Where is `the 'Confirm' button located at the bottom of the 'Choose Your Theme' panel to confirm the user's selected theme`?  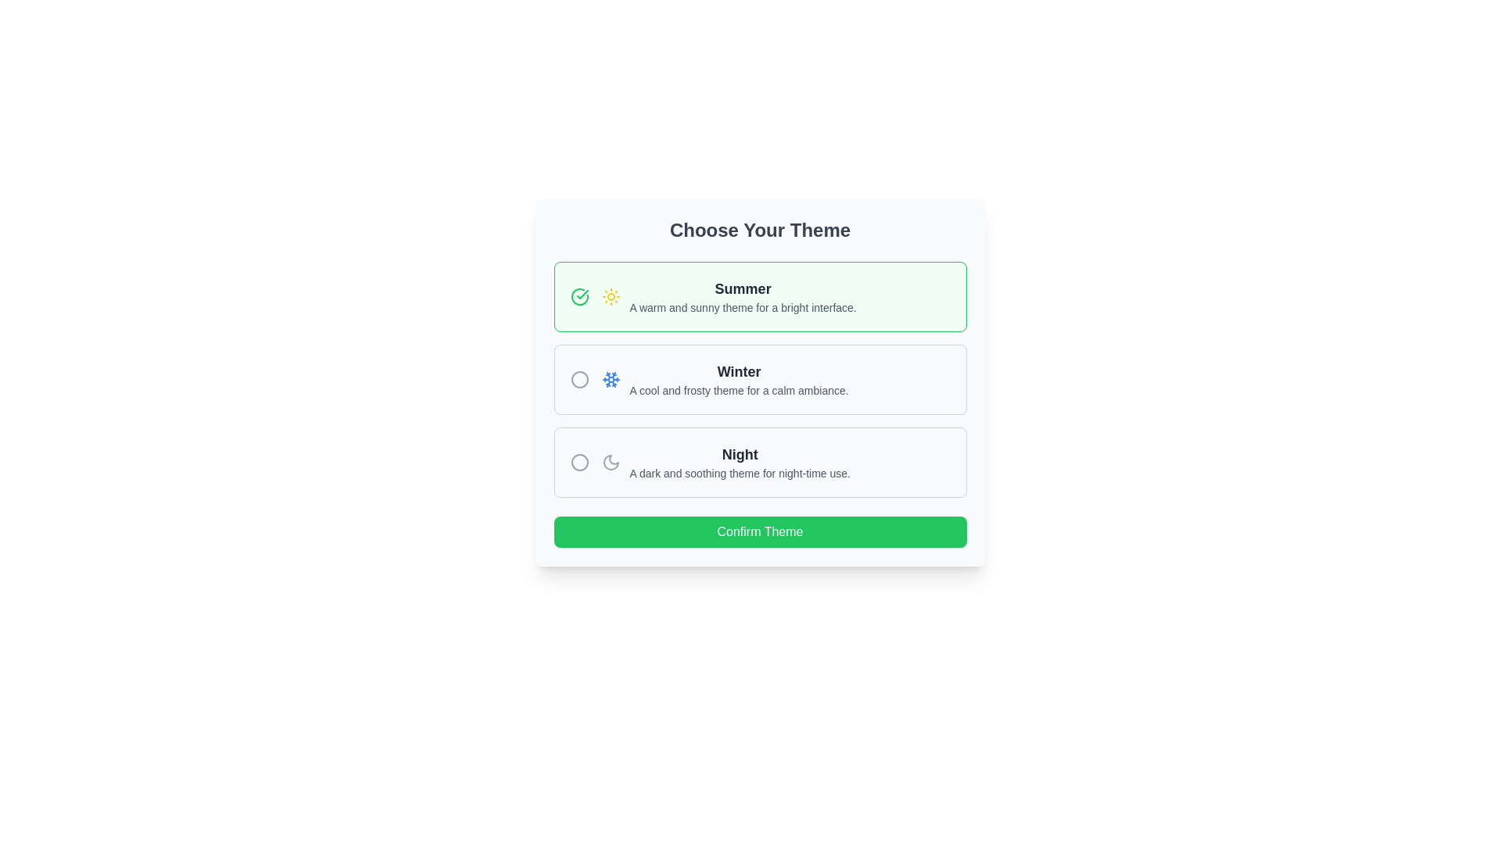 the 'Confirm' button located at the bottom of the 'Choose Your Theme' panel to confirm the user's selected theme is located at coordinates (760, 531).